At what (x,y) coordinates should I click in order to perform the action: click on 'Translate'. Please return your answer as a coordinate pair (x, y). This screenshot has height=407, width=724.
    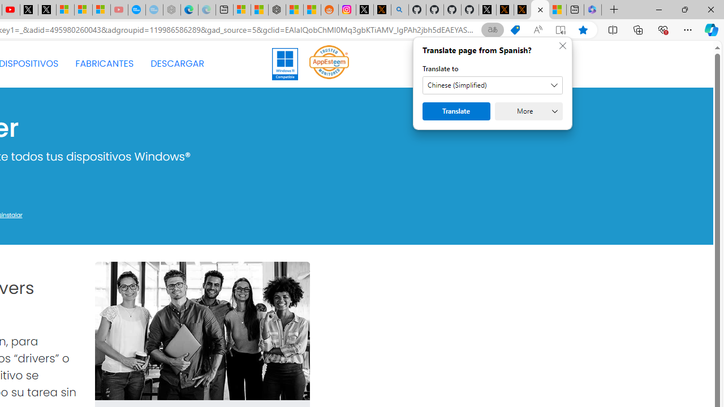
    Looking at the image, I should click on (456, 111).